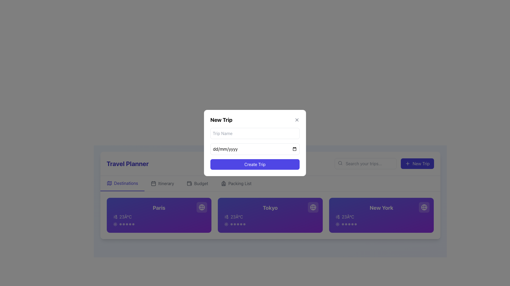 This screenshot has height=286, width=510. I want to click on the decorative sunlight icon located in the bottom left corner of the 'Paris' card within the 'Destinations' section, near the '23°C' temperature label, so click(115, 224).